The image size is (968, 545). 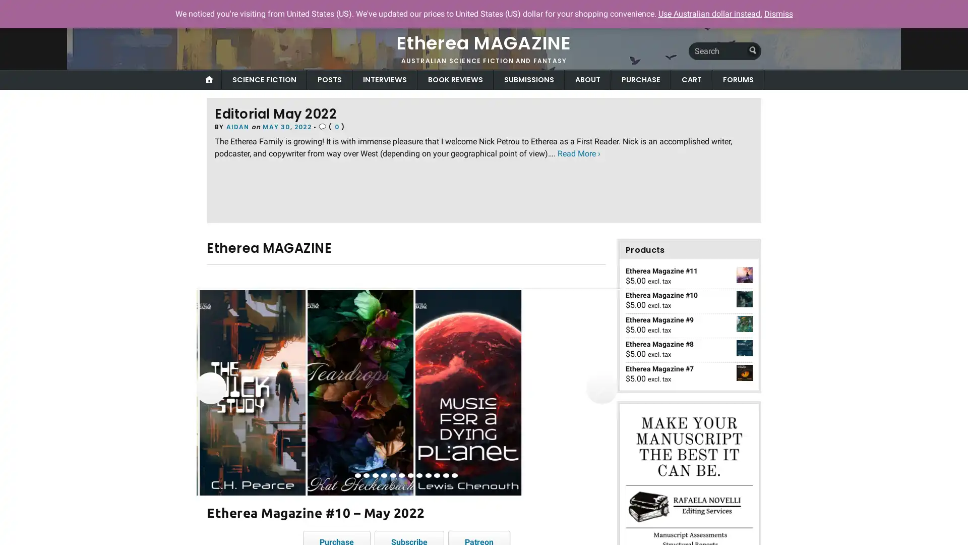 I want to click on view image 7 of 12 in carousel, so click(x=410, y=475).